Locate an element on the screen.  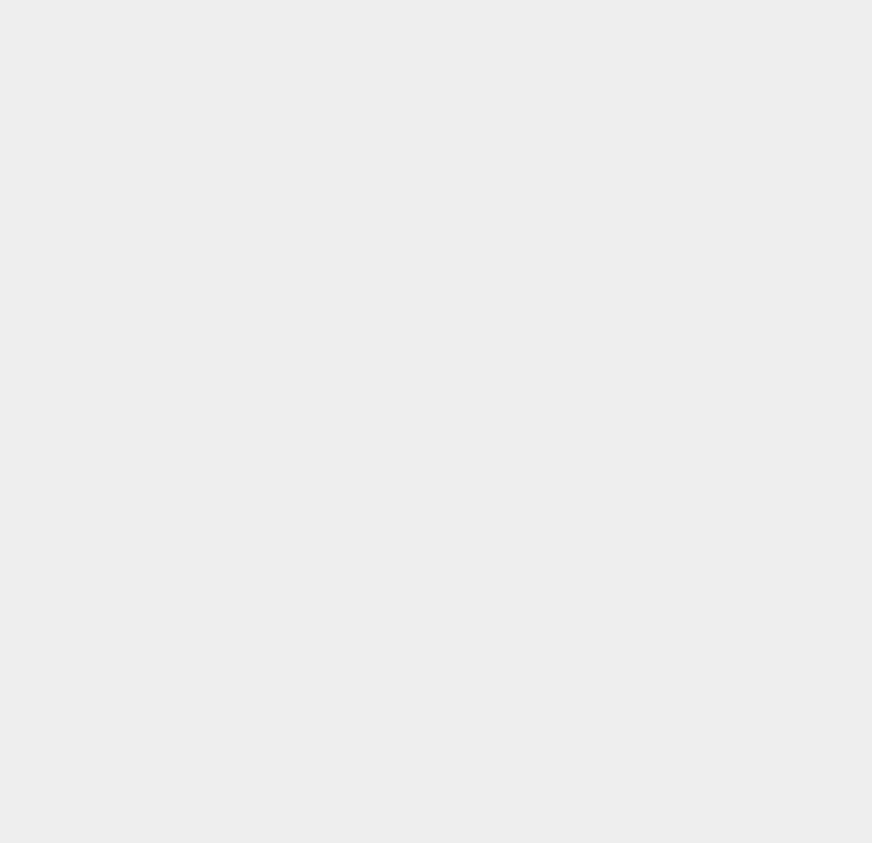
'Firefox Add-Ons' is located at coordinates (617, 689).